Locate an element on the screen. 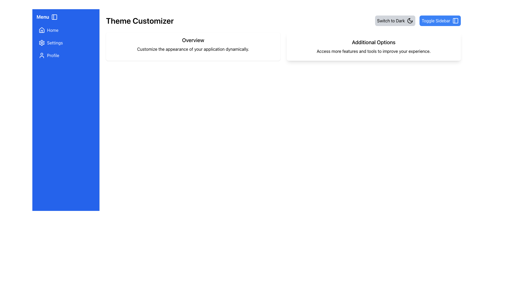 This screenshot has height=284, width=505. the 'Settings' icon located in the navigation sidebar, positioned between the 'Home' and 'Profile' icons is located at coordinates (41, 42).